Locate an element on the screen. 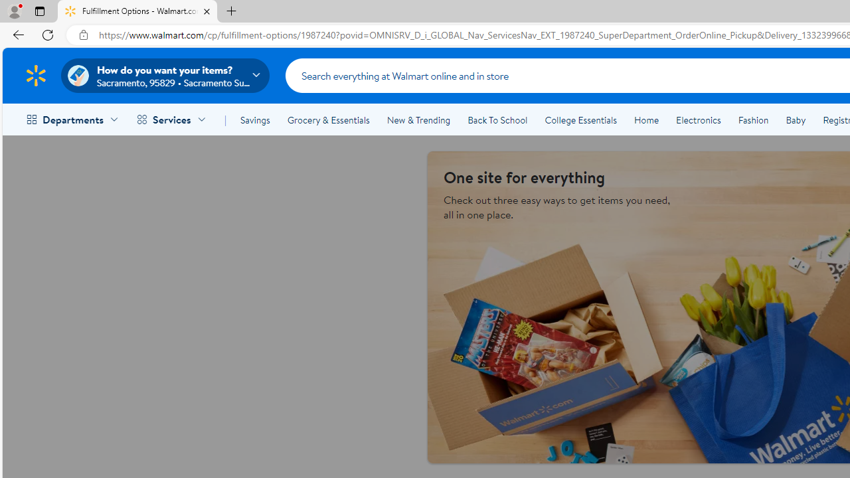 Image resolution: width=850 pixels, height=478 pixels. 'New & Trending' is located at coordinates (418, 120).